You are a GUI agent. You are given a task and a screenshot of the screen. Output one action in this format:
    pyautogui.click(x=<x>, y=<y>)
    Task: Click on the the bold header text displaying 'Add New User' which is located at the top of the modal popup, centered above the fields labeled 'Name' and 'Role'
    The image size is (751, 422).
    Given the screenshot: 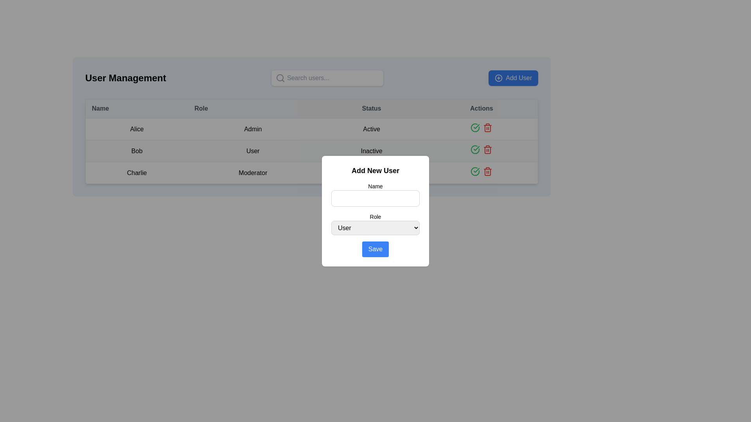 What is the action you would take?
    pyautogui.click(x=375, y=170)
    